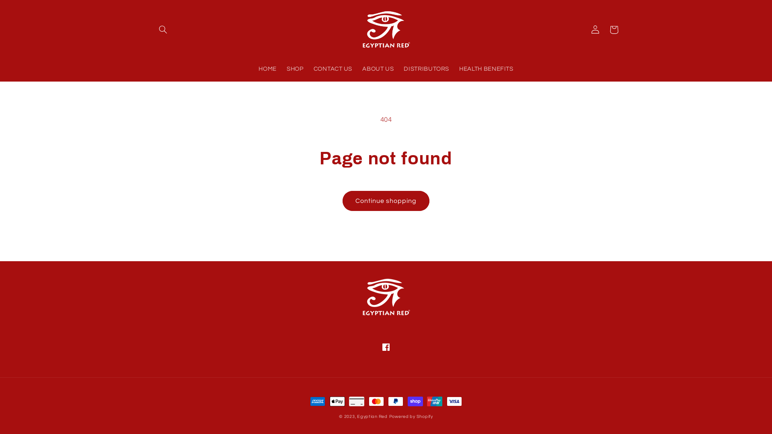  I want to click on 'Cart', so click(604, 29).